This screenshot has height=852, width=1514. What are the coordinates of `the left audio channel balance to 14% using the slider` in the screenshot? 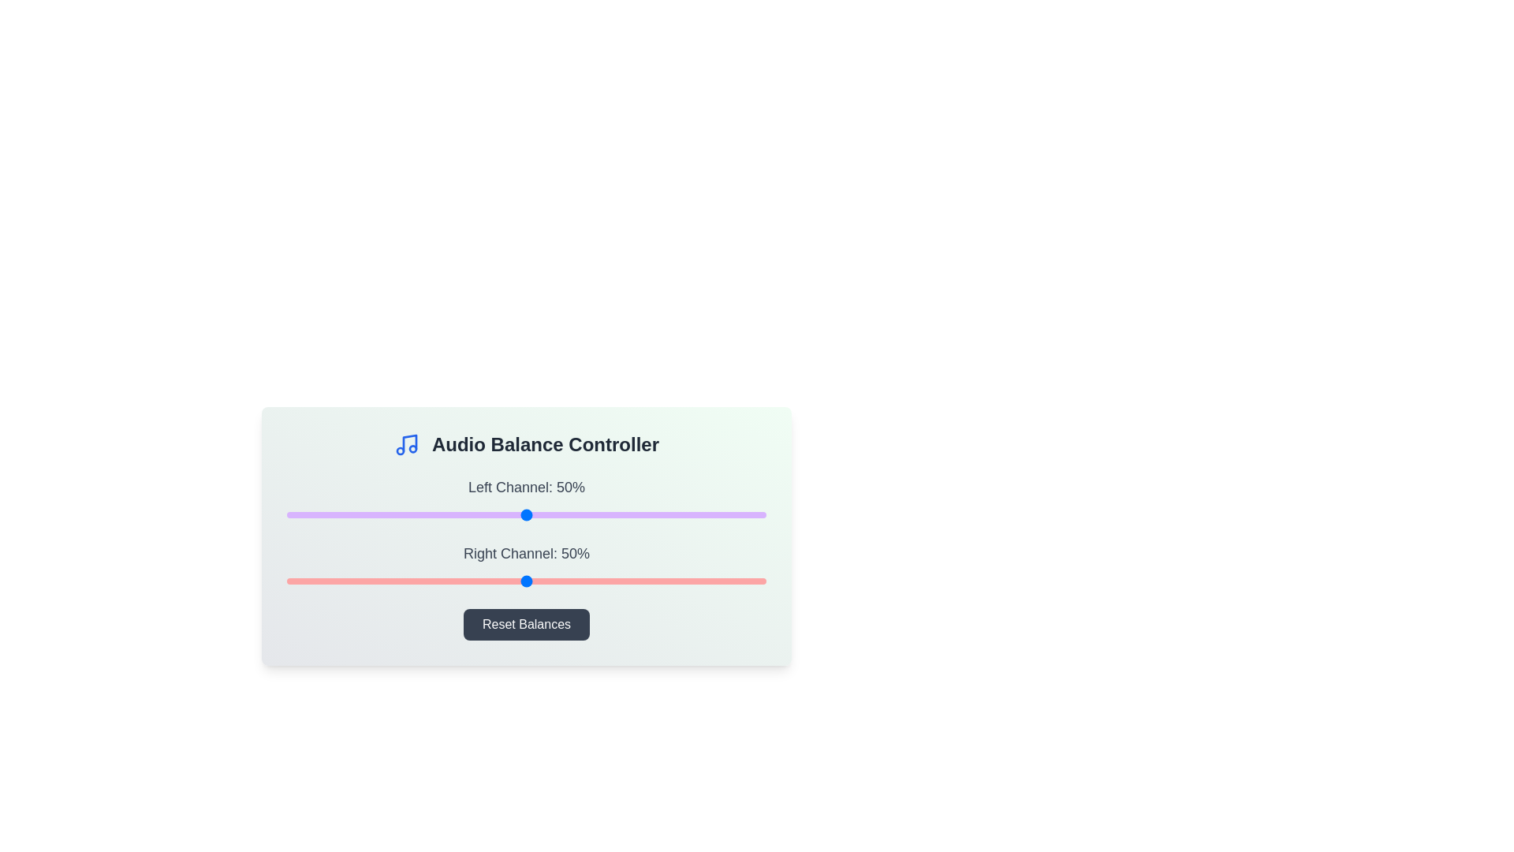 It's located at (353, 514).